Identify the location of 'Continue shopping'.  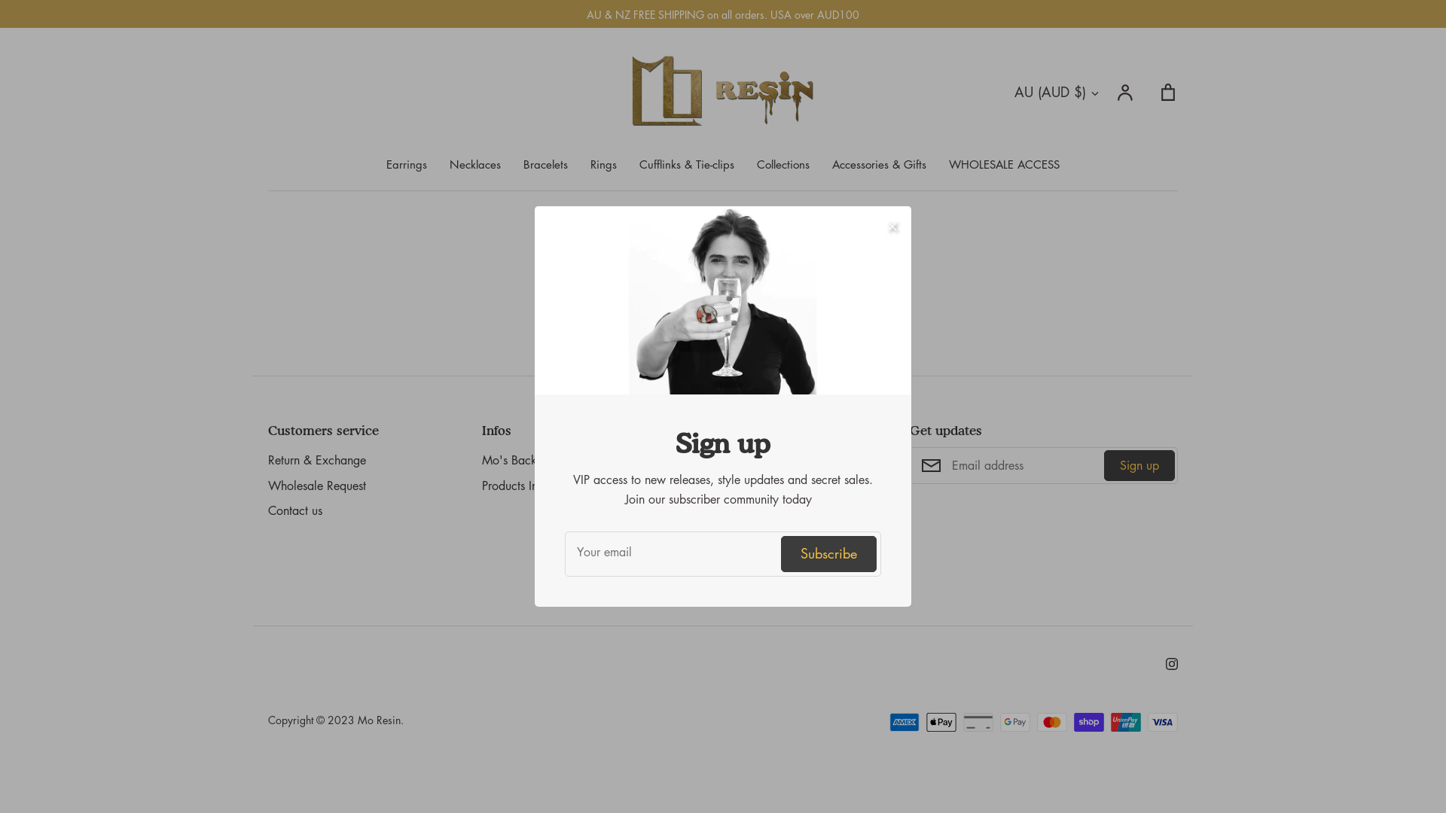
(723, 312).